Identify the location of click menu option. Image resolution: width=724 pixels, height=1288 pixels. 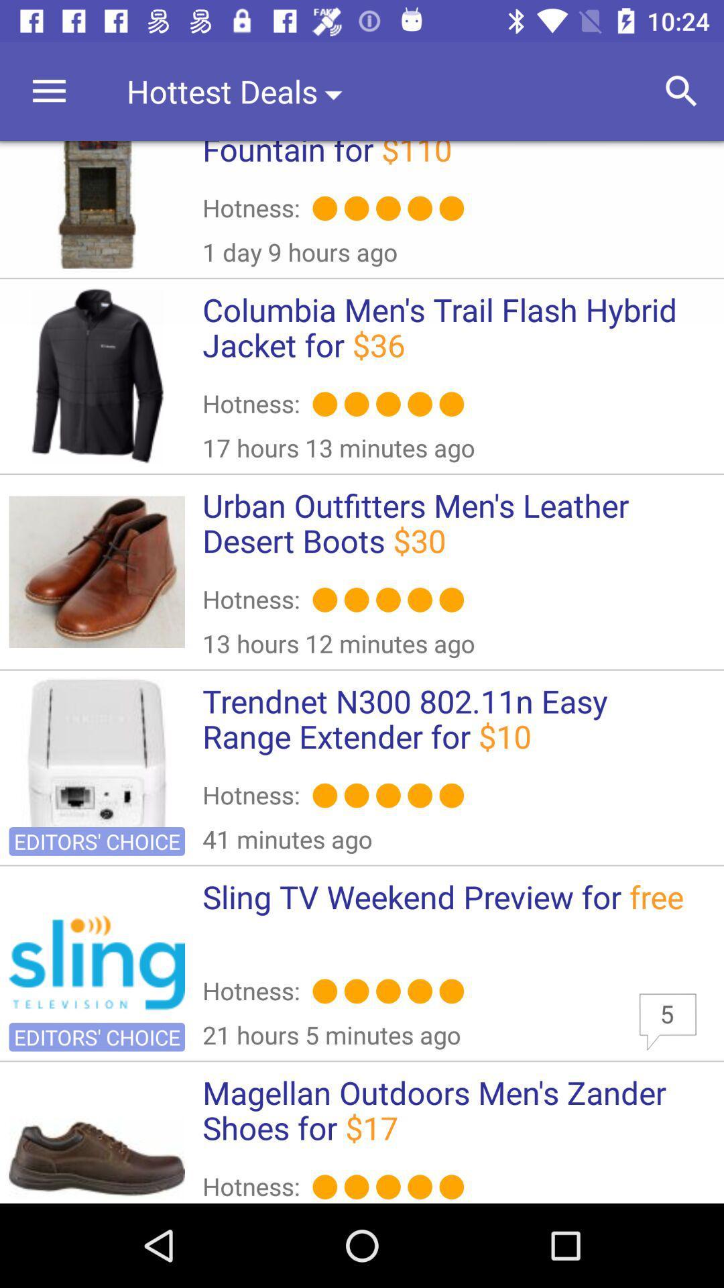
(48, 91).